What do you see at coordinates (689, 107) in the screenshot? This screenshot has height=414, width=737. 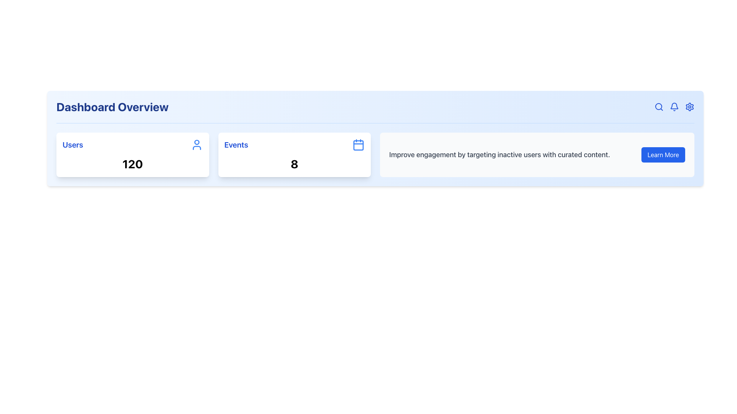 I see `the settings icon located in the rightmost corner of the top navigation bar` at bounding box center [689, 107].